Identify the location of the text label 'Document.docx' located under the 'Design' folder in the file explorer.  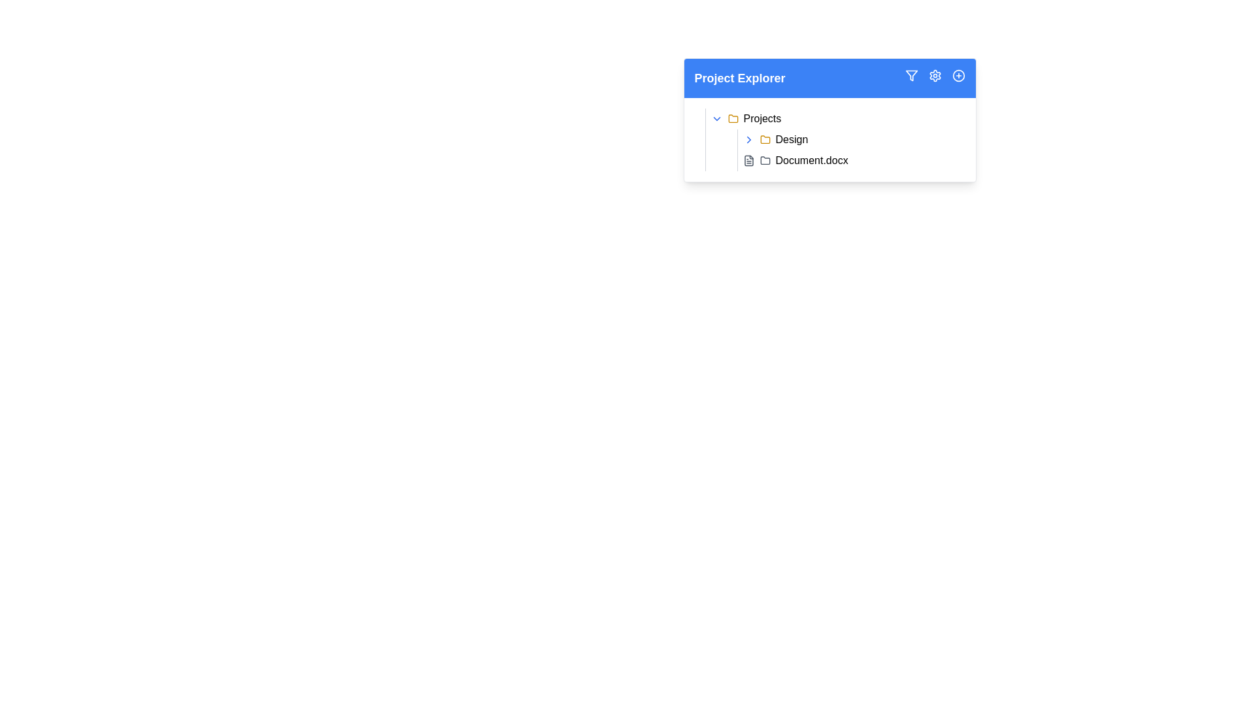
(811, 160).